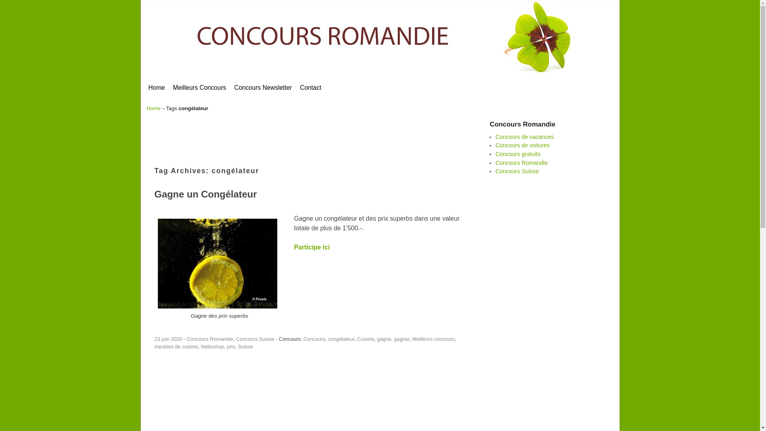 Image resolution: width=766 pixels, height=431 pixels. What do you see at coordinates (314, 339) in the screenshot?
I see `'Concours'` at bounding box center [314, 339].